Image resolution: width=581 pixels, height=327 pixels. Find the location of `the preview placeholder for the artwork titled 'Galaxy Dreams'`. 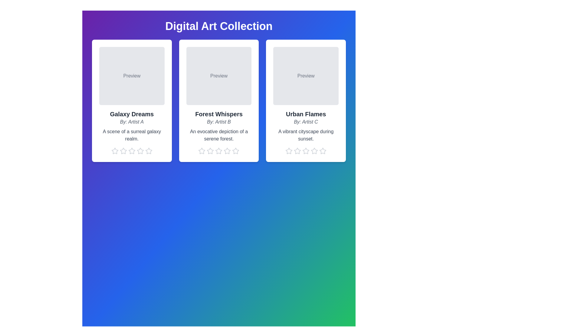

the preview placeholder for the artwork titled 'Galaxy Dreams' is located at coordinates (131, 75).